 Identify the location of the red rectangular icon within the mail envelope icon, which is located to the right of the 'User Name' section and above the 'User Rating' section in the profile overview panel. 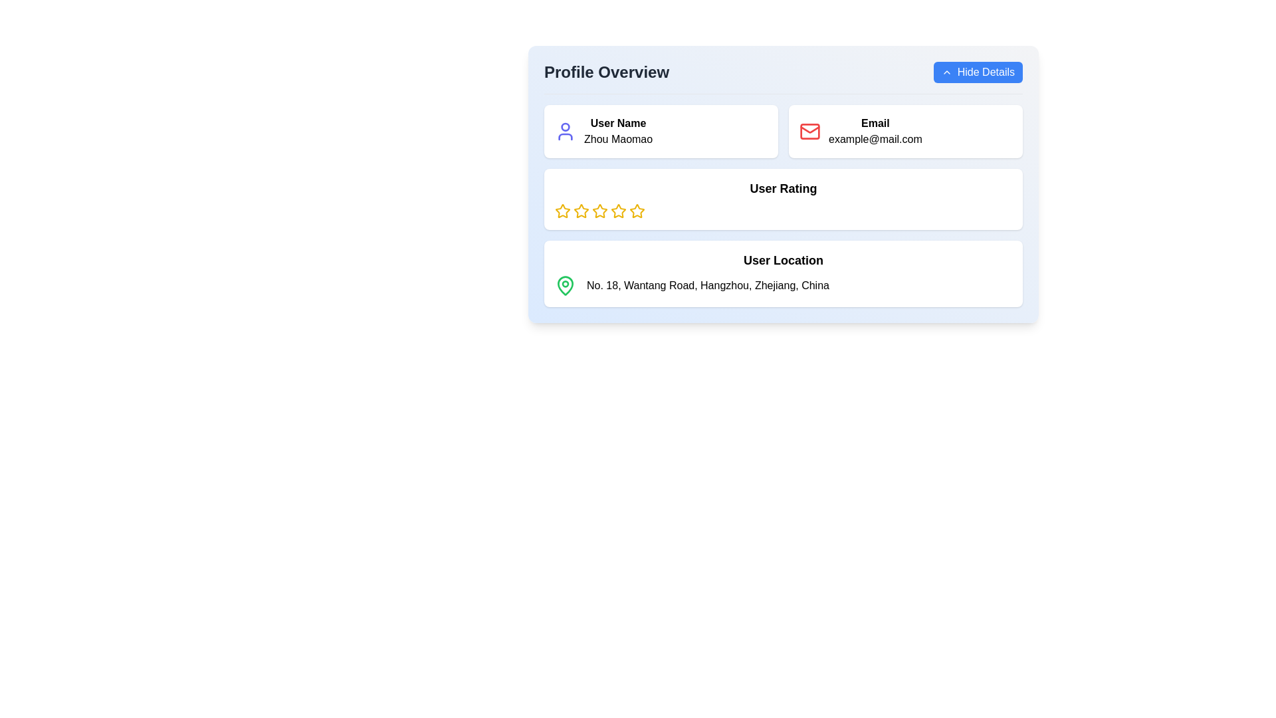
(809, 131).